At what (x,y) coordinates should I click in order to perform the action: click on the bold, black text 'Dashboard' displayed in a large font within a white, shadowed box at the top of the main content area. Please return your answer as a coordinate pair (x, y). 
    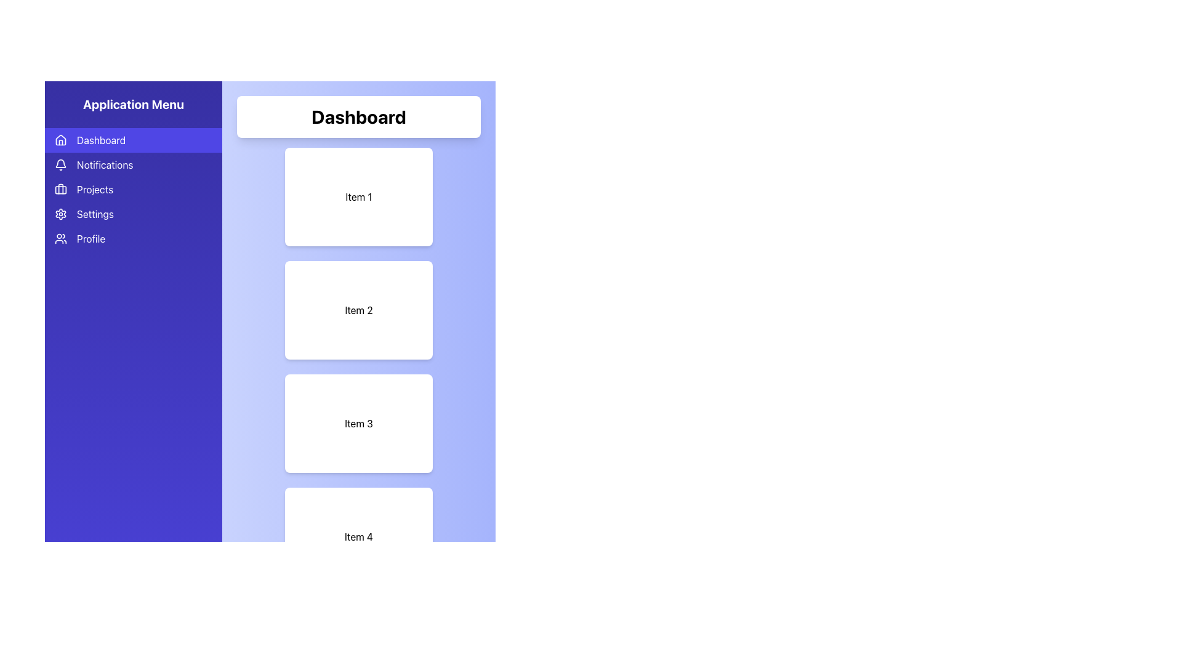
    Looking at the image, I should click on (358, 116).